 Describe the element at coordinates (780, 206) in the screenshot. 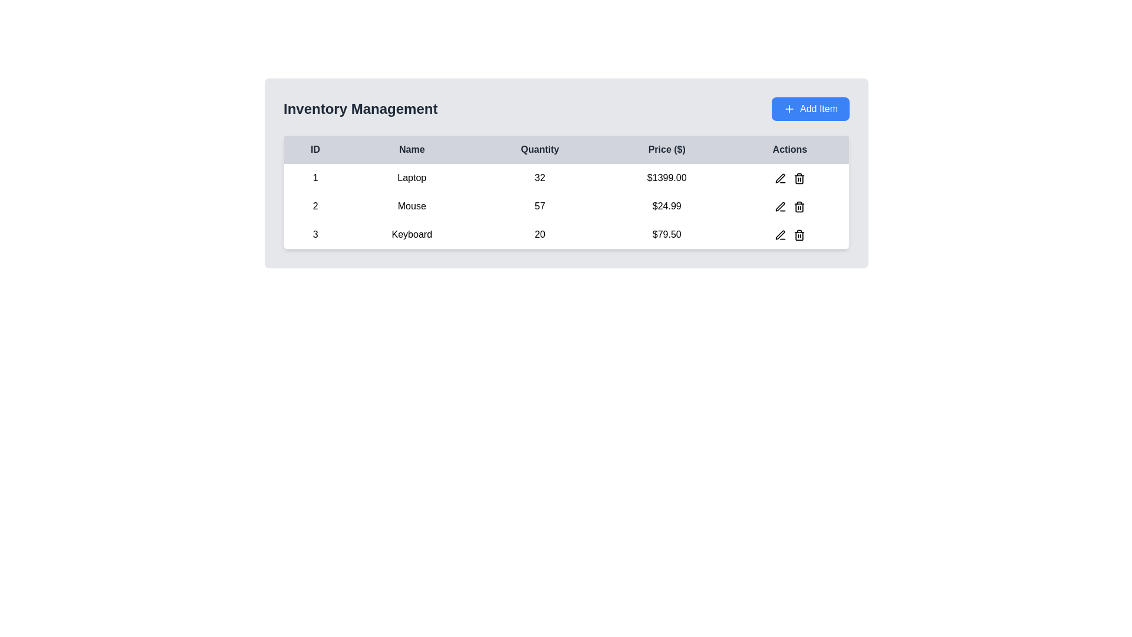

I see `the pen icon button` at that location.